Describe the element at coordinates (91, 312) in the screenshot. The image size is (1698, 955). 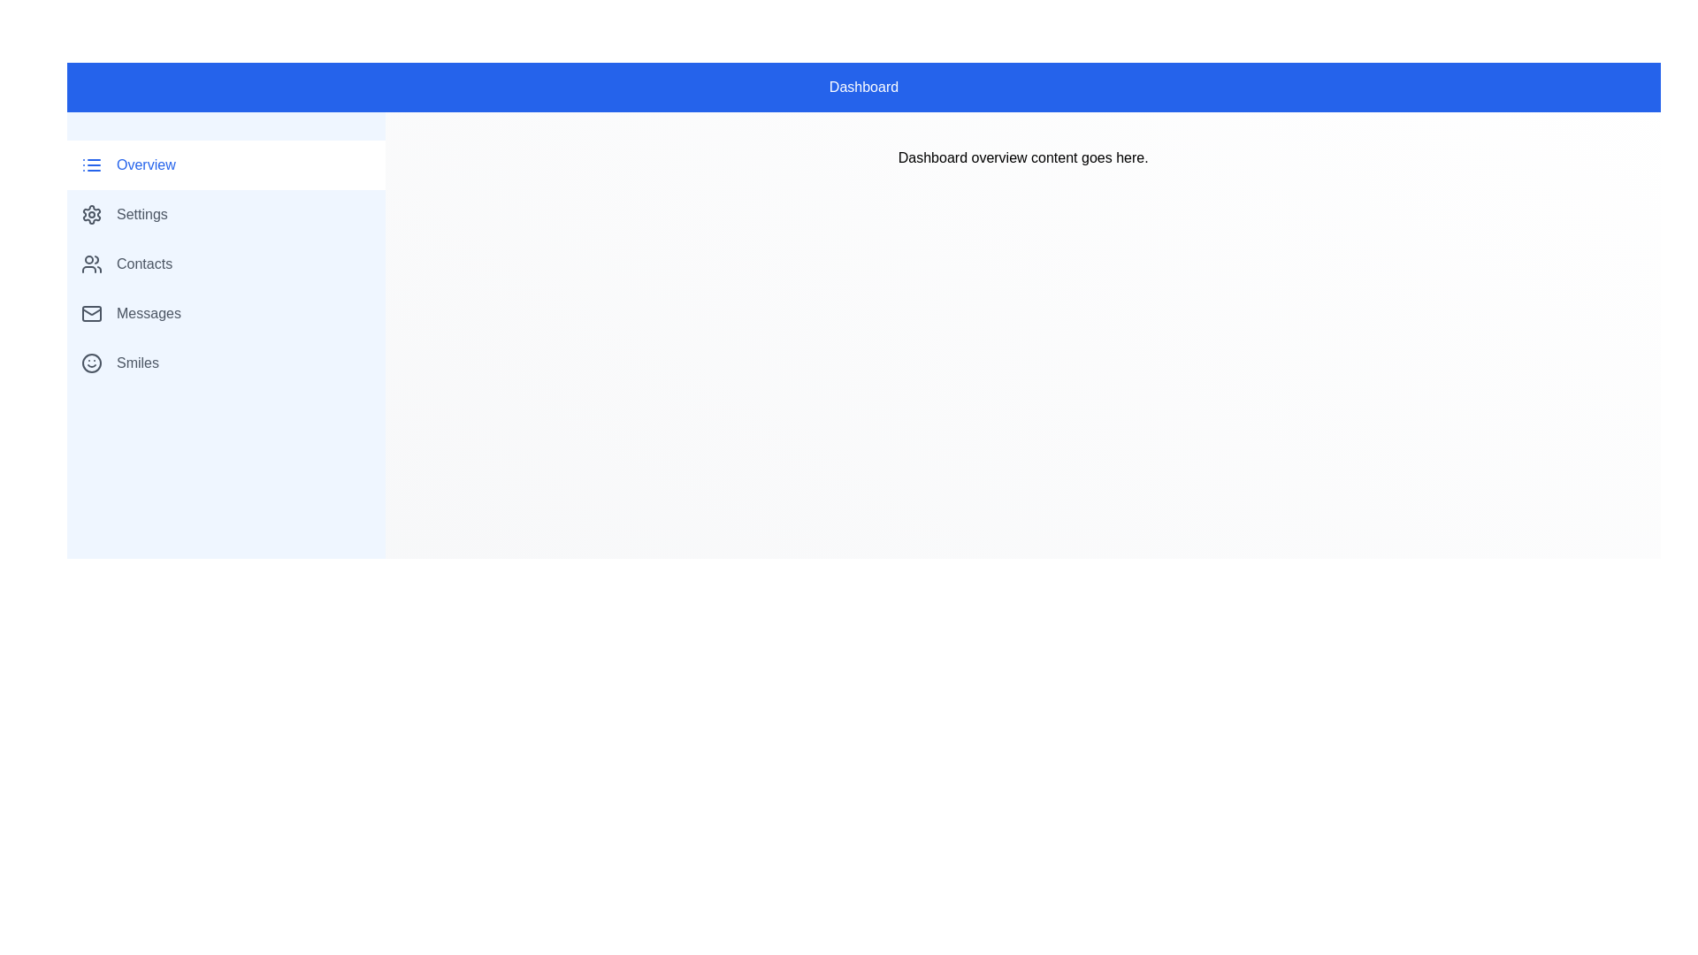
I see `the 'Messages' icon in the sidebar menu, which is positioned directly to the left of the 'Messages' label` at that location.